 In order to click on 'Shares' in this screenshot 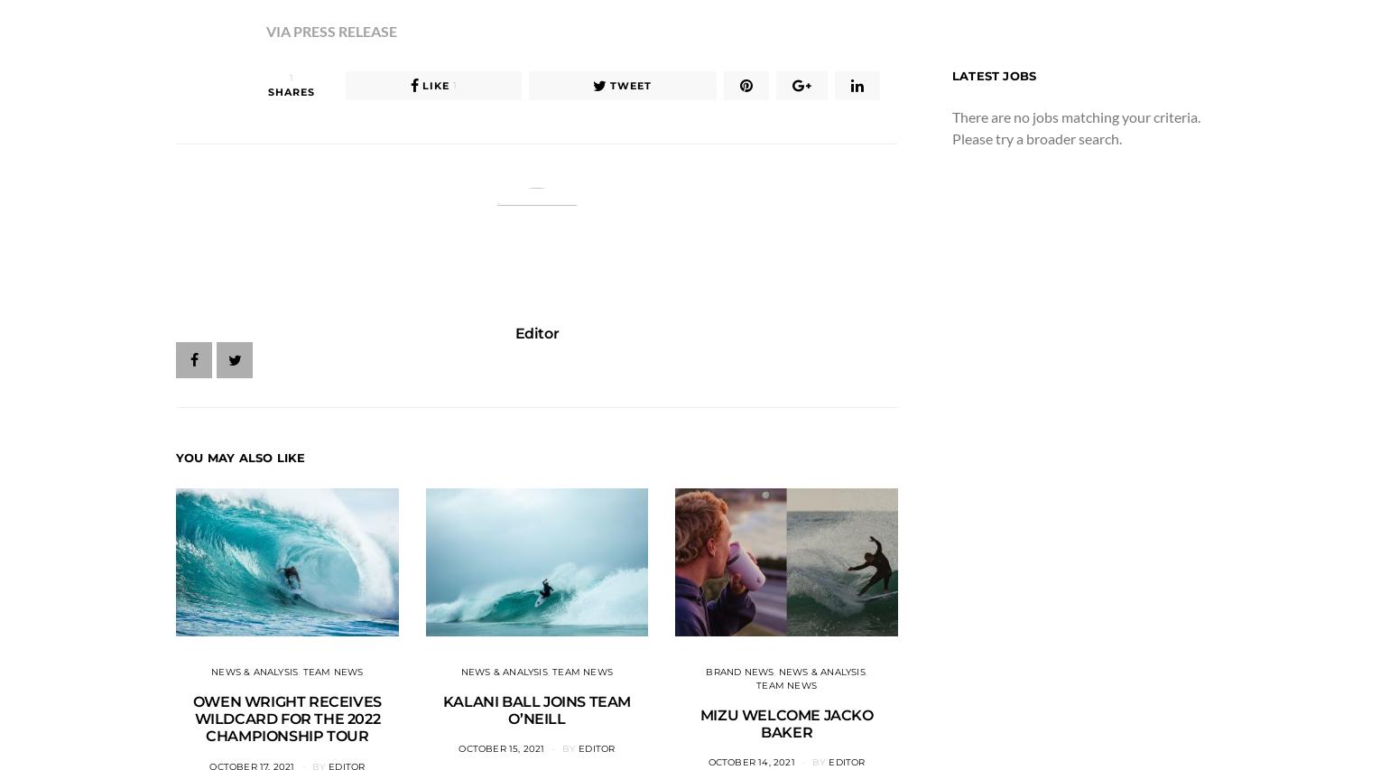, I will do `click(291, 92)`.